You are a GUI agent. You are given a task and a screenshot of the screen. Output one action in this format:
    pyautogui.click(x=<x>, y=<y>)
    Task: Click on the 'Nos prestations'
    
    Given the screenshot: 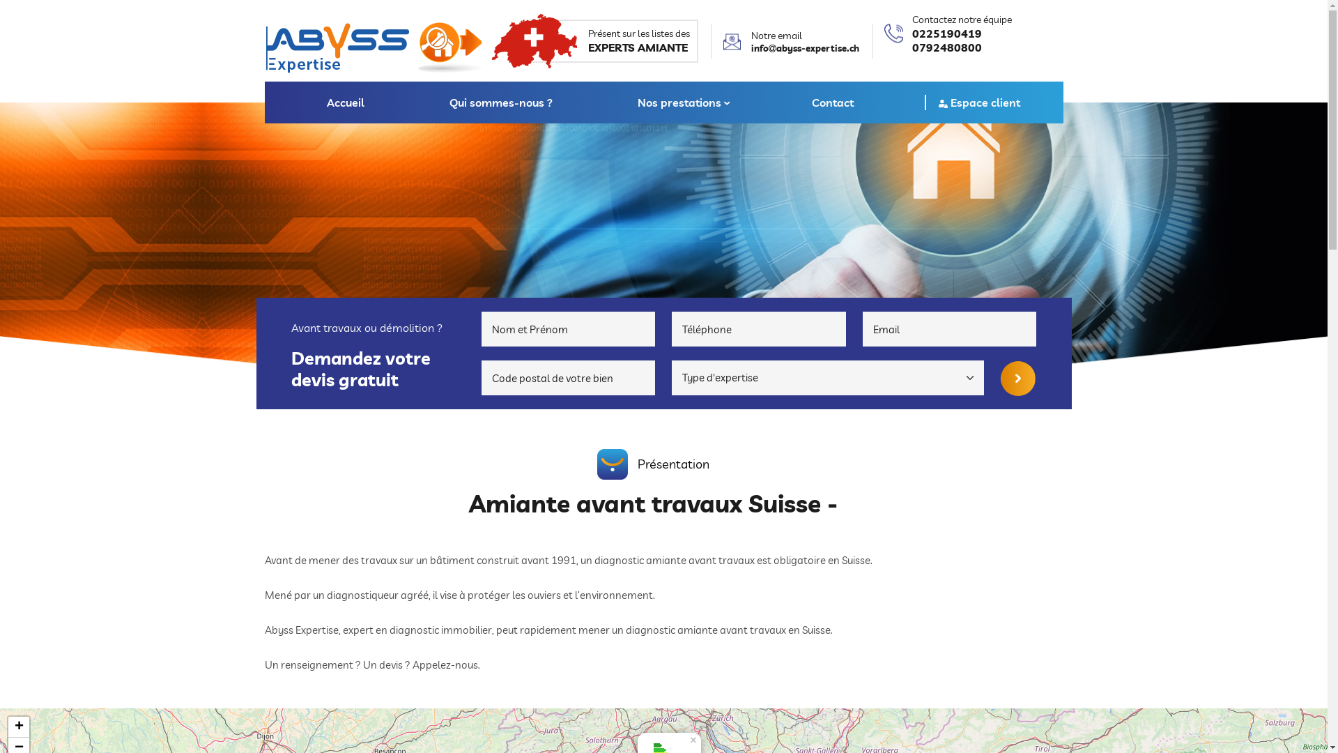 What is the action you would take?
    pyautogui.click(x=622, y=101)
    